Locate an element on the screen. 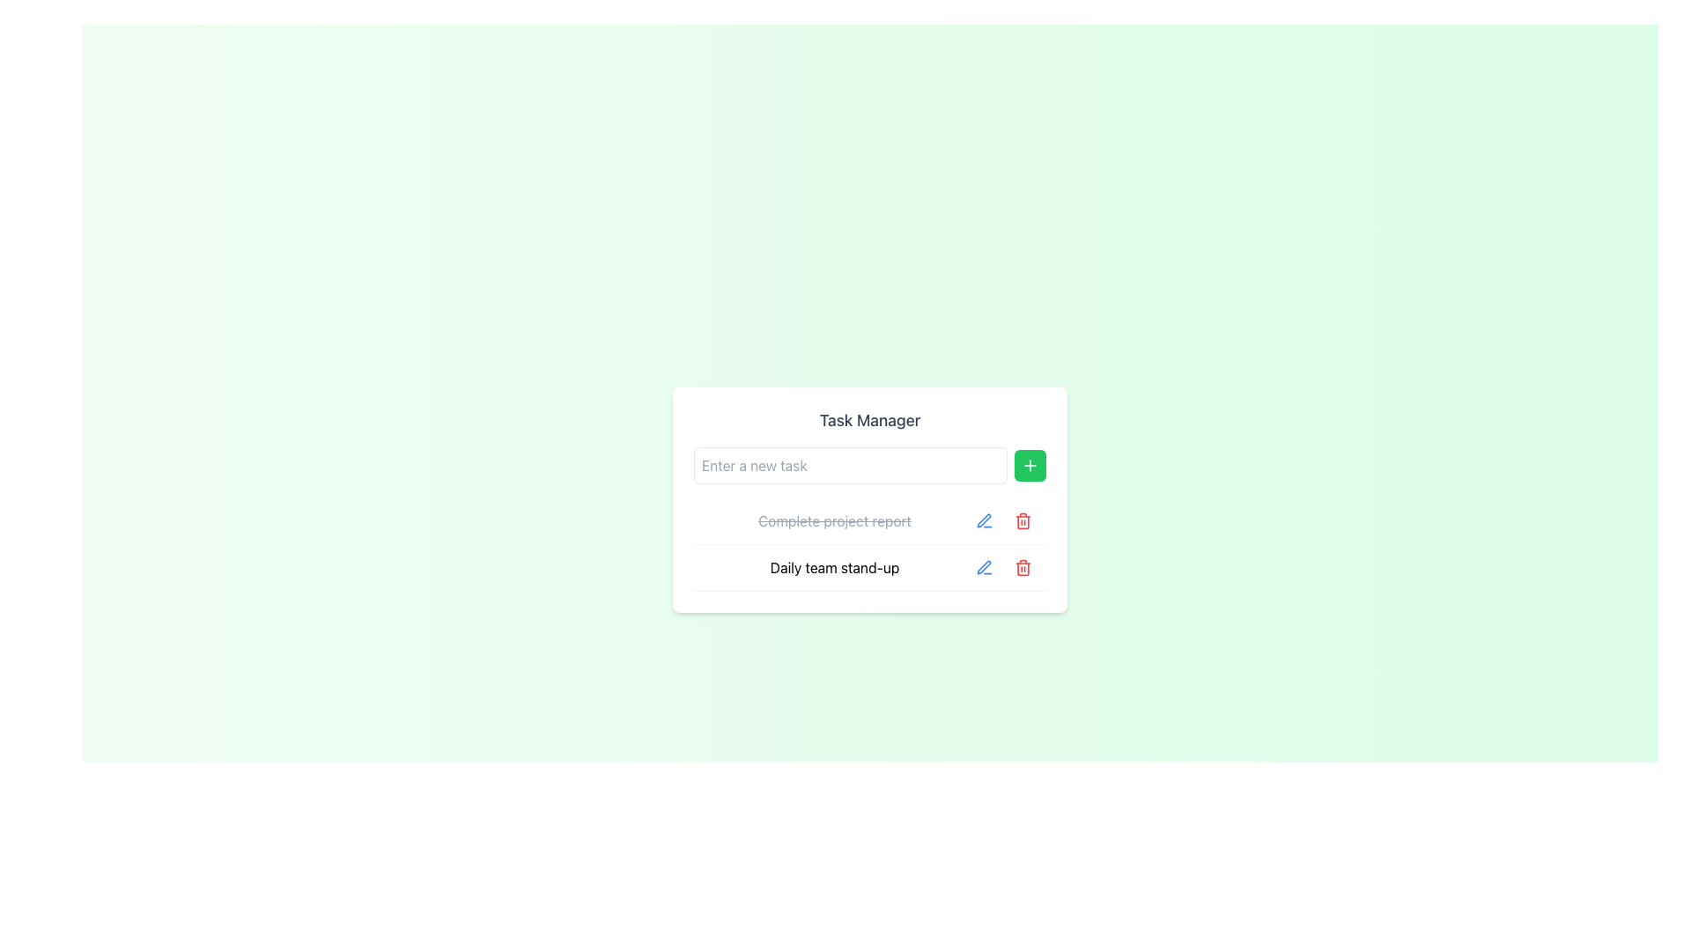  the edit button icon adjacent to the 'Daily team stand-up' task is located at coordinates (984, 520).